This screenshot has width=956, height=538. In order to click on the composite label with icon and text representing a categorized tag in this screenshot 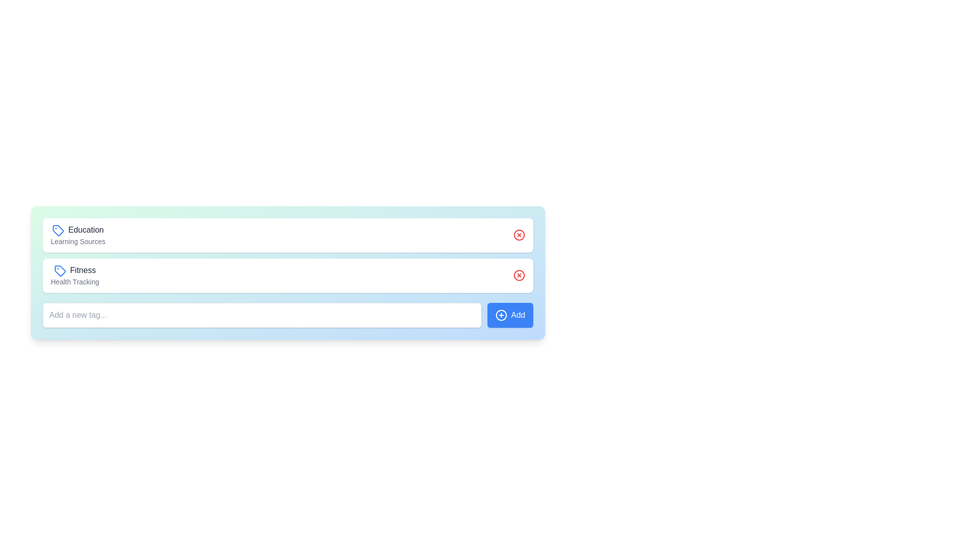, I will do `click(77, 235)`.